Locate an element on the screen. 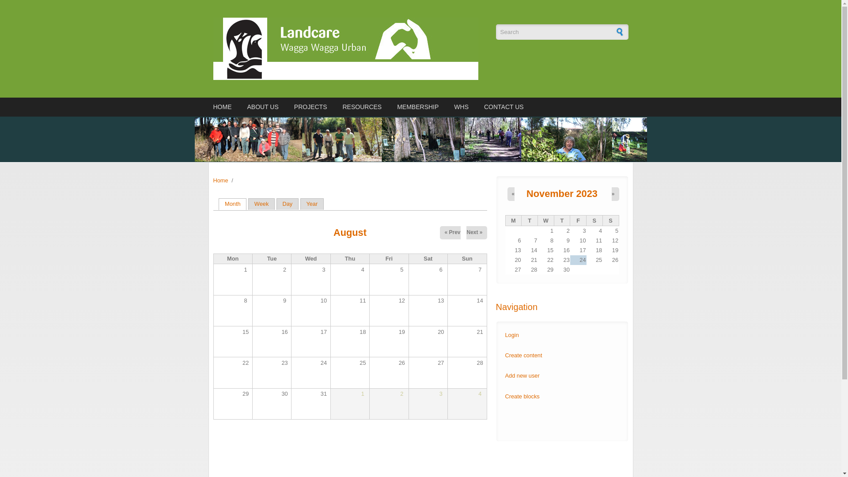  'HOME' is located at coordinates (223, 106).